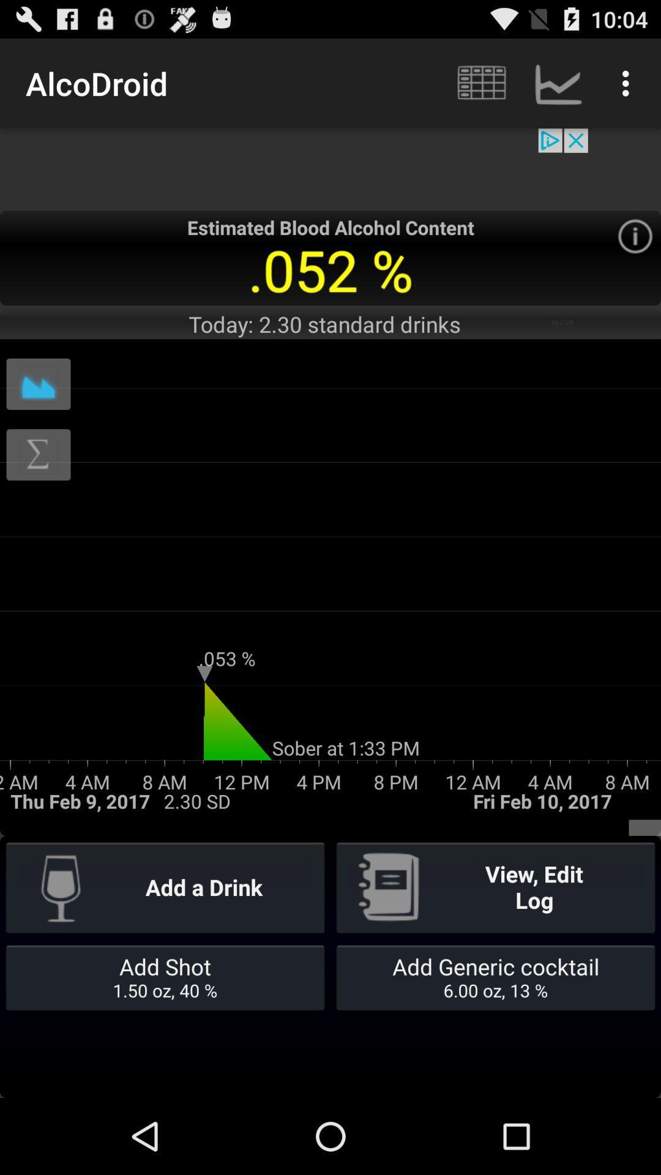 The width and height of the screenshot is (661, 1175). I want to click on advertisement, so click(330, 168).